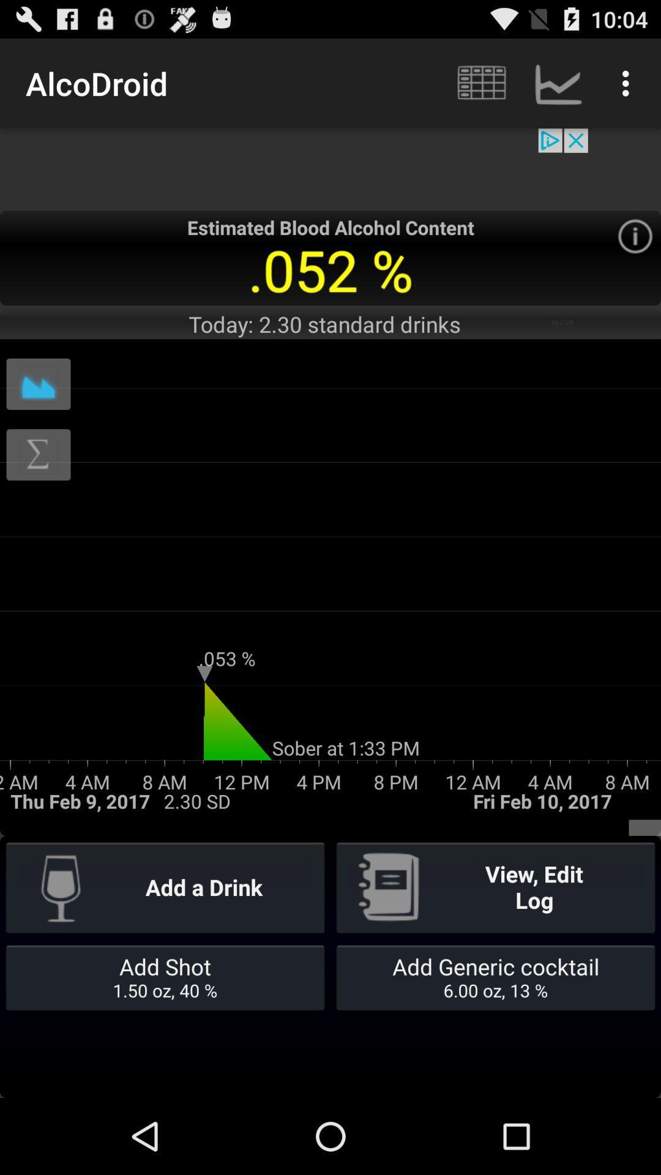 The width and height of the screenshot is (661, 1175). I want to click on advertisement, so click(330, 168).